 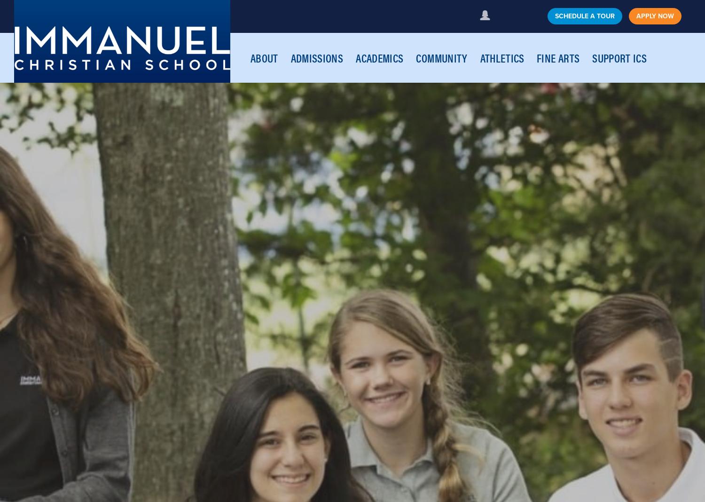 I want to click on 'Travelterm Trips for High School', so click(x=582, y=152).